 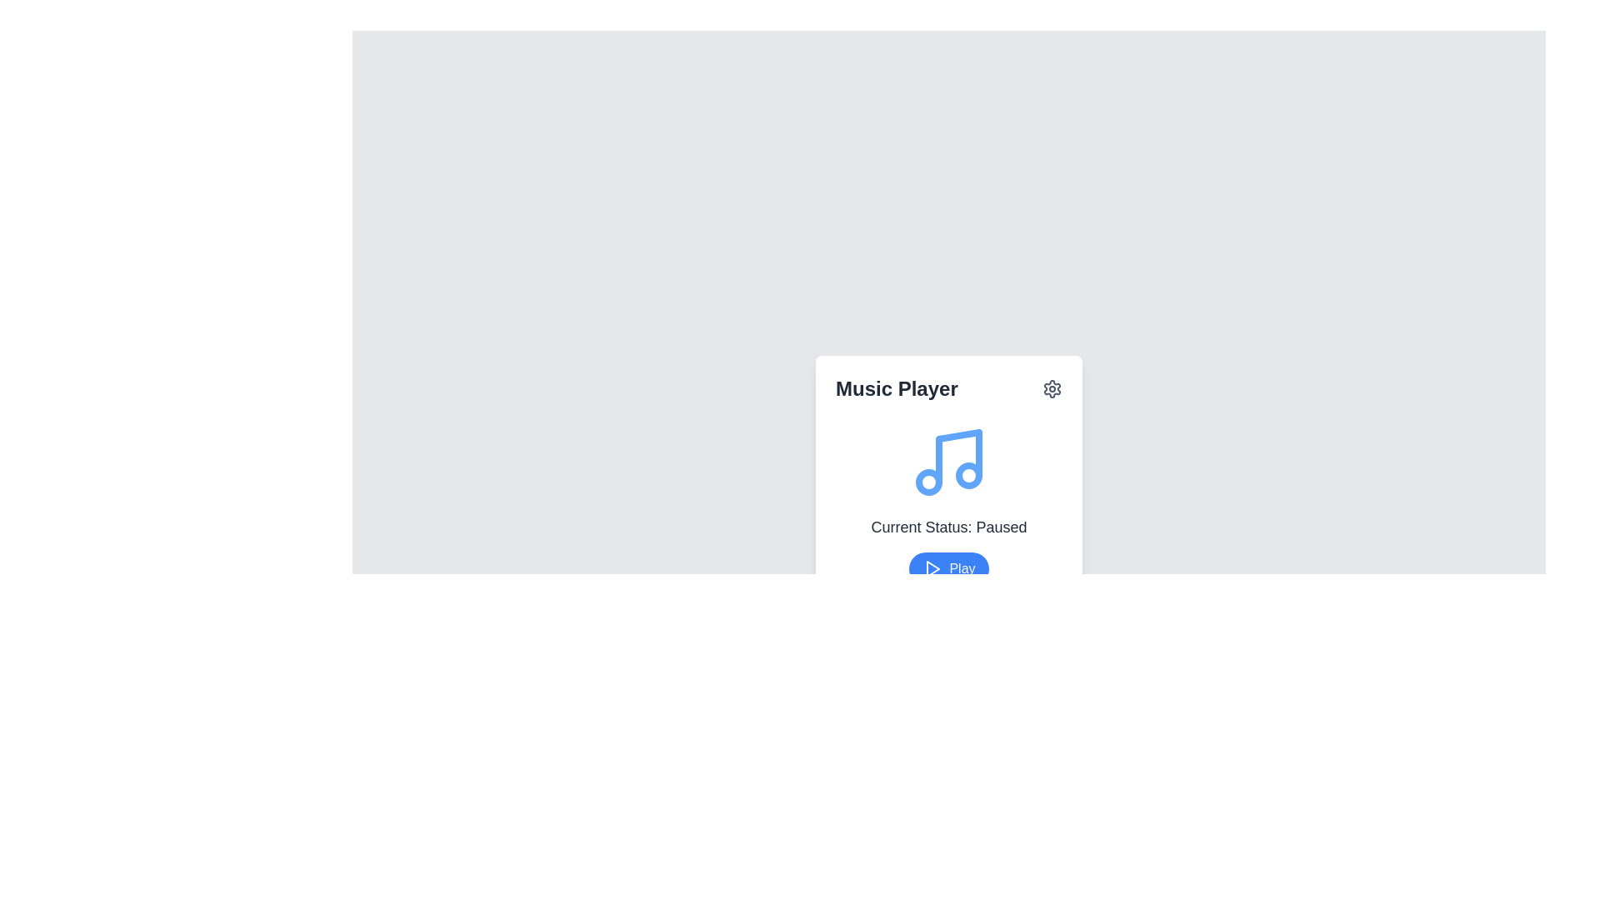 I want to click on the top-center music player icon that indicates the function of the music player, positioned above the 'Current Status: Paused' text and the 'Play' button, so click(x=948, y=462).